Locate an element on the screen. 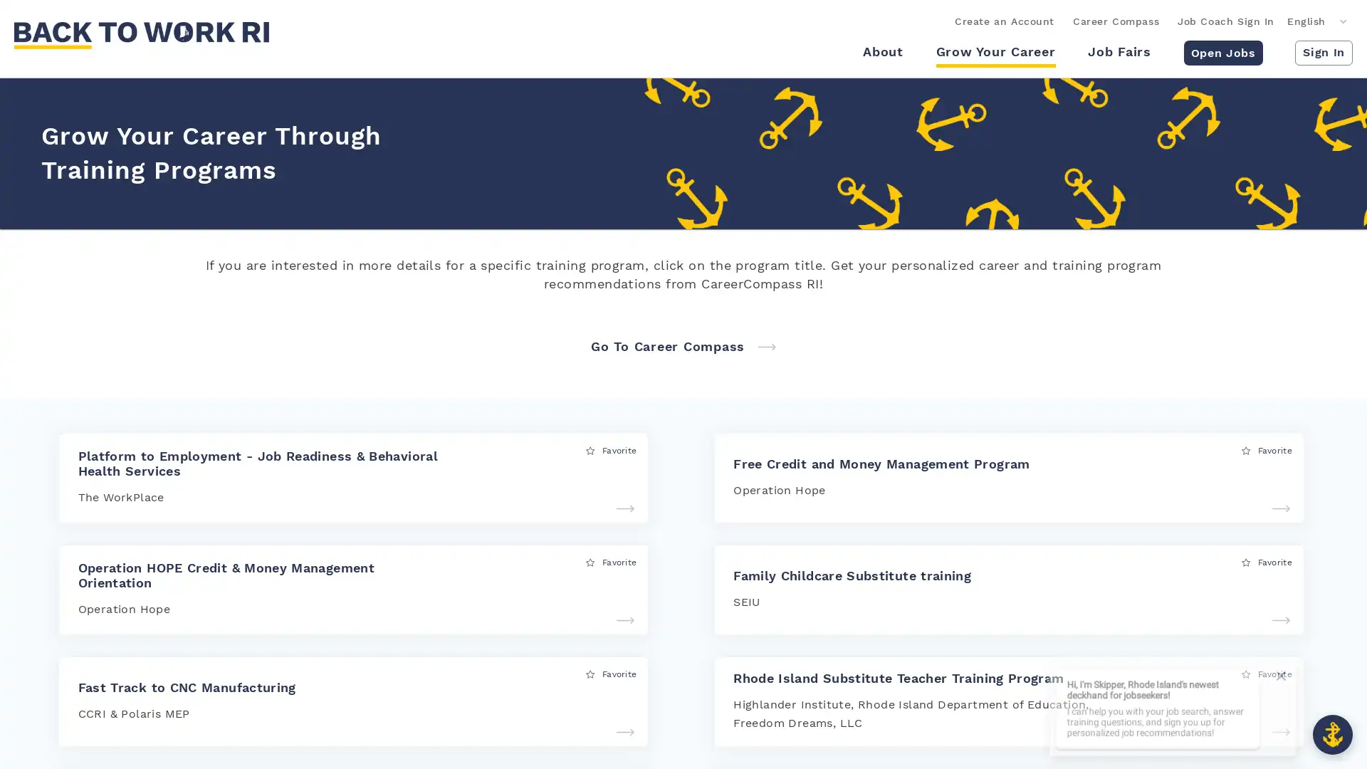 The height and width of the screenshot is (769, 1367). not favorite Favorite is located at coordinates (1267, 561).